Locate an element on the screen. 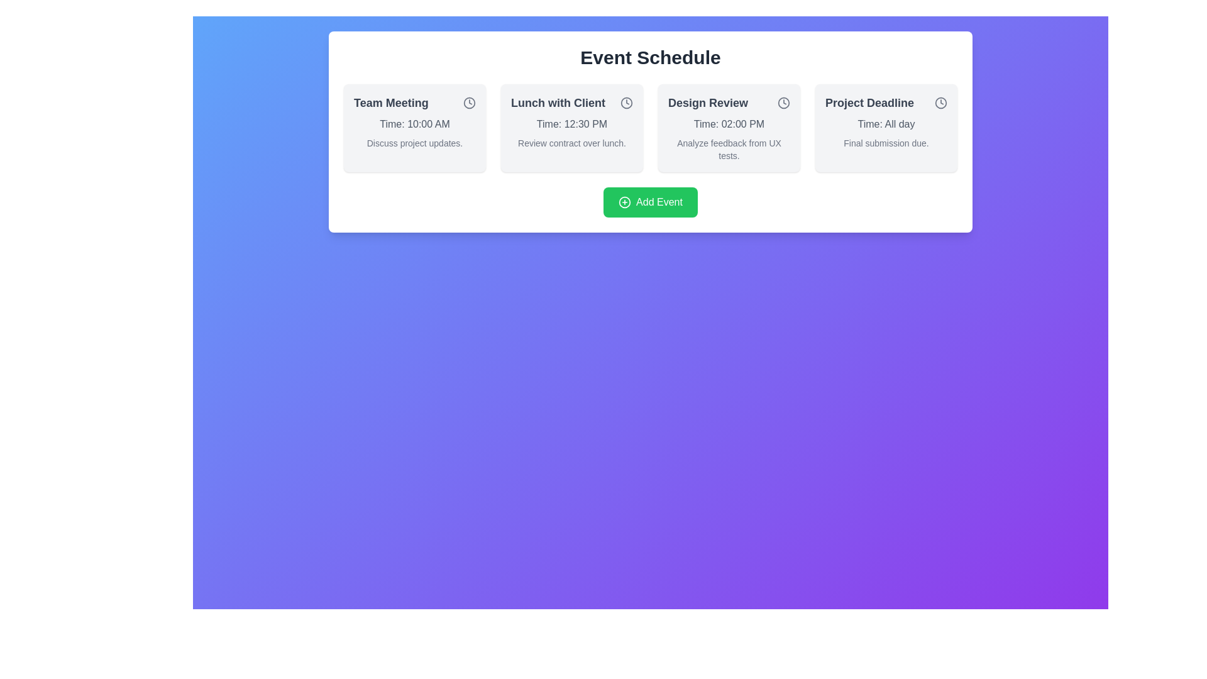 Image resolution: width=1207 pixels, height=679 pixels. the Text label displaying 'Time: 12:30 PM' in italicized medium-gray font, located in the 'Lunch with Client' card is located at coordinates (571, 124).